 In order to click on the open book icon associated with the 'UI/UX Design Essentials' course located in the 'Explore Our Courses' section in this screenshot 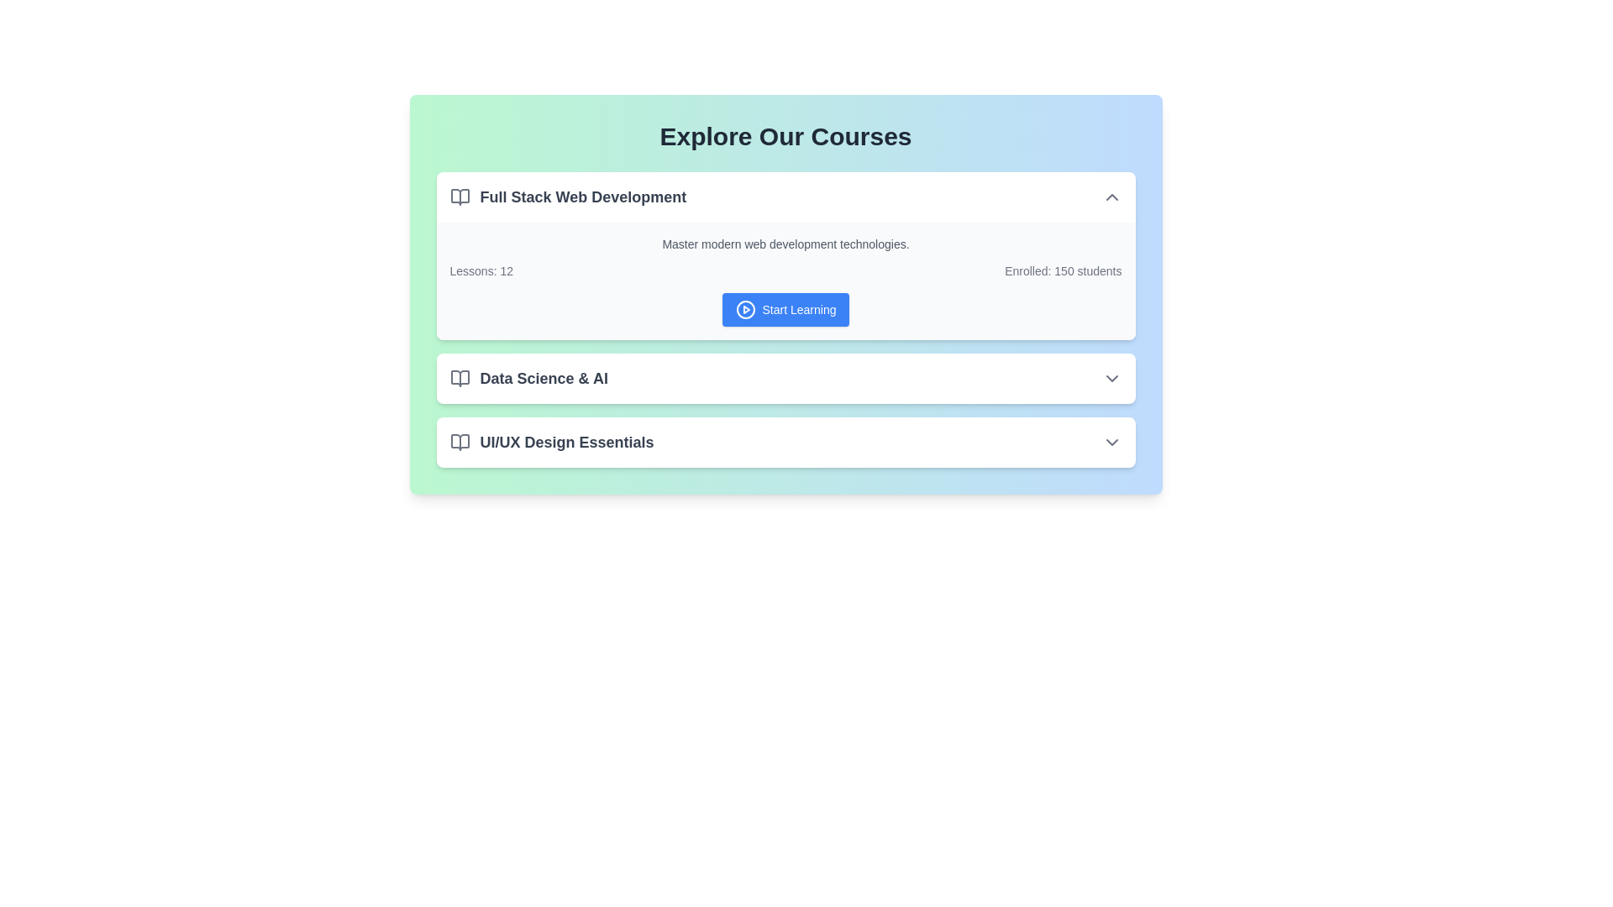, I will do `click(460, 442)`.